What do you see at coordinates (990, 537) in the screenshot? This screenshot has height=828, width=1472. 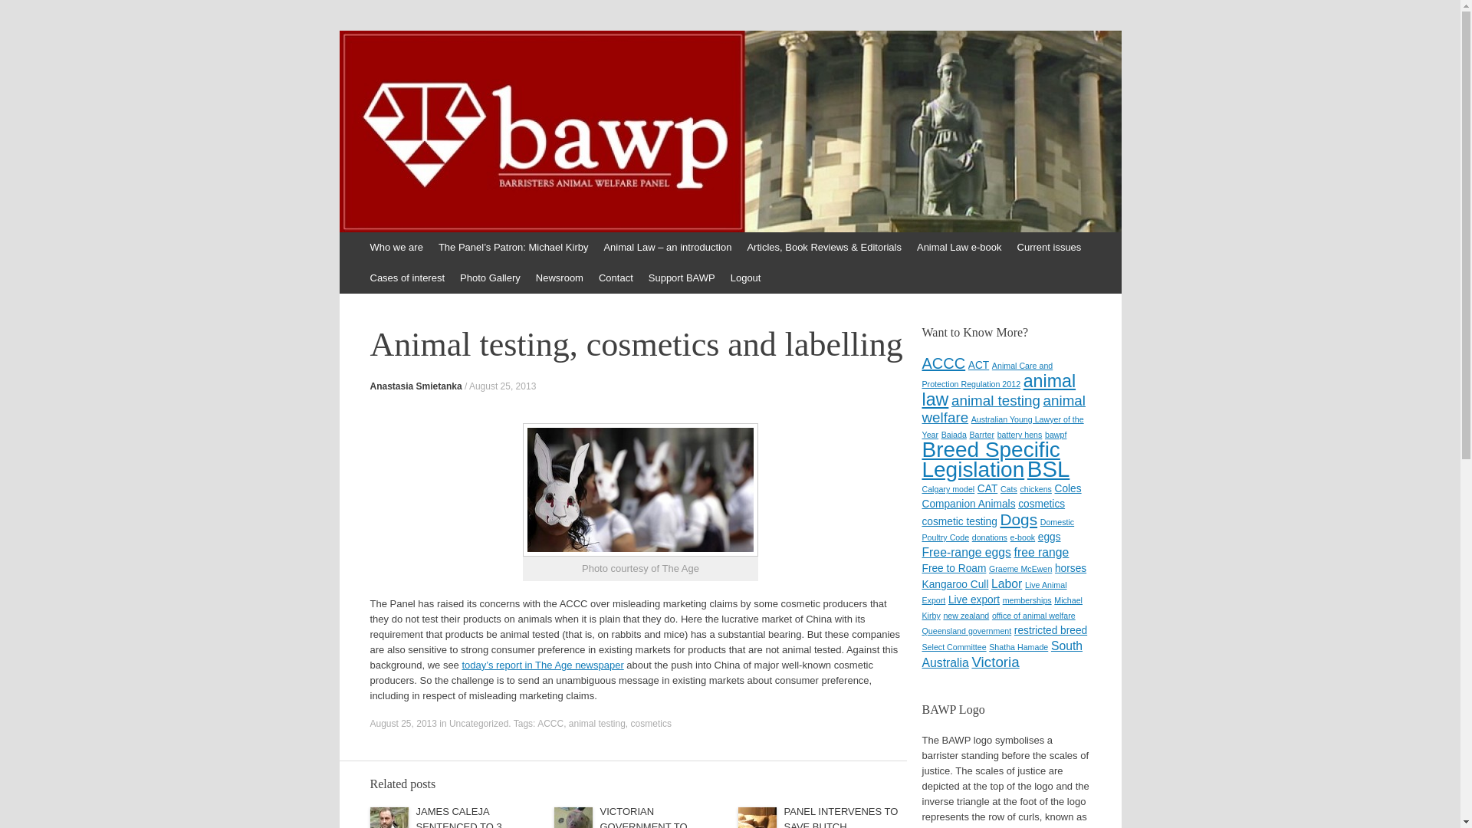 I see `'donations'` at bounding box center [990, 537].